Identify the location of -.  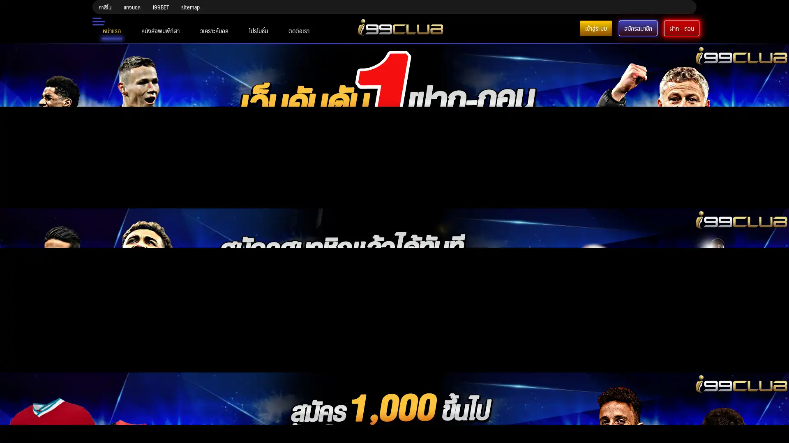
(682, 28).